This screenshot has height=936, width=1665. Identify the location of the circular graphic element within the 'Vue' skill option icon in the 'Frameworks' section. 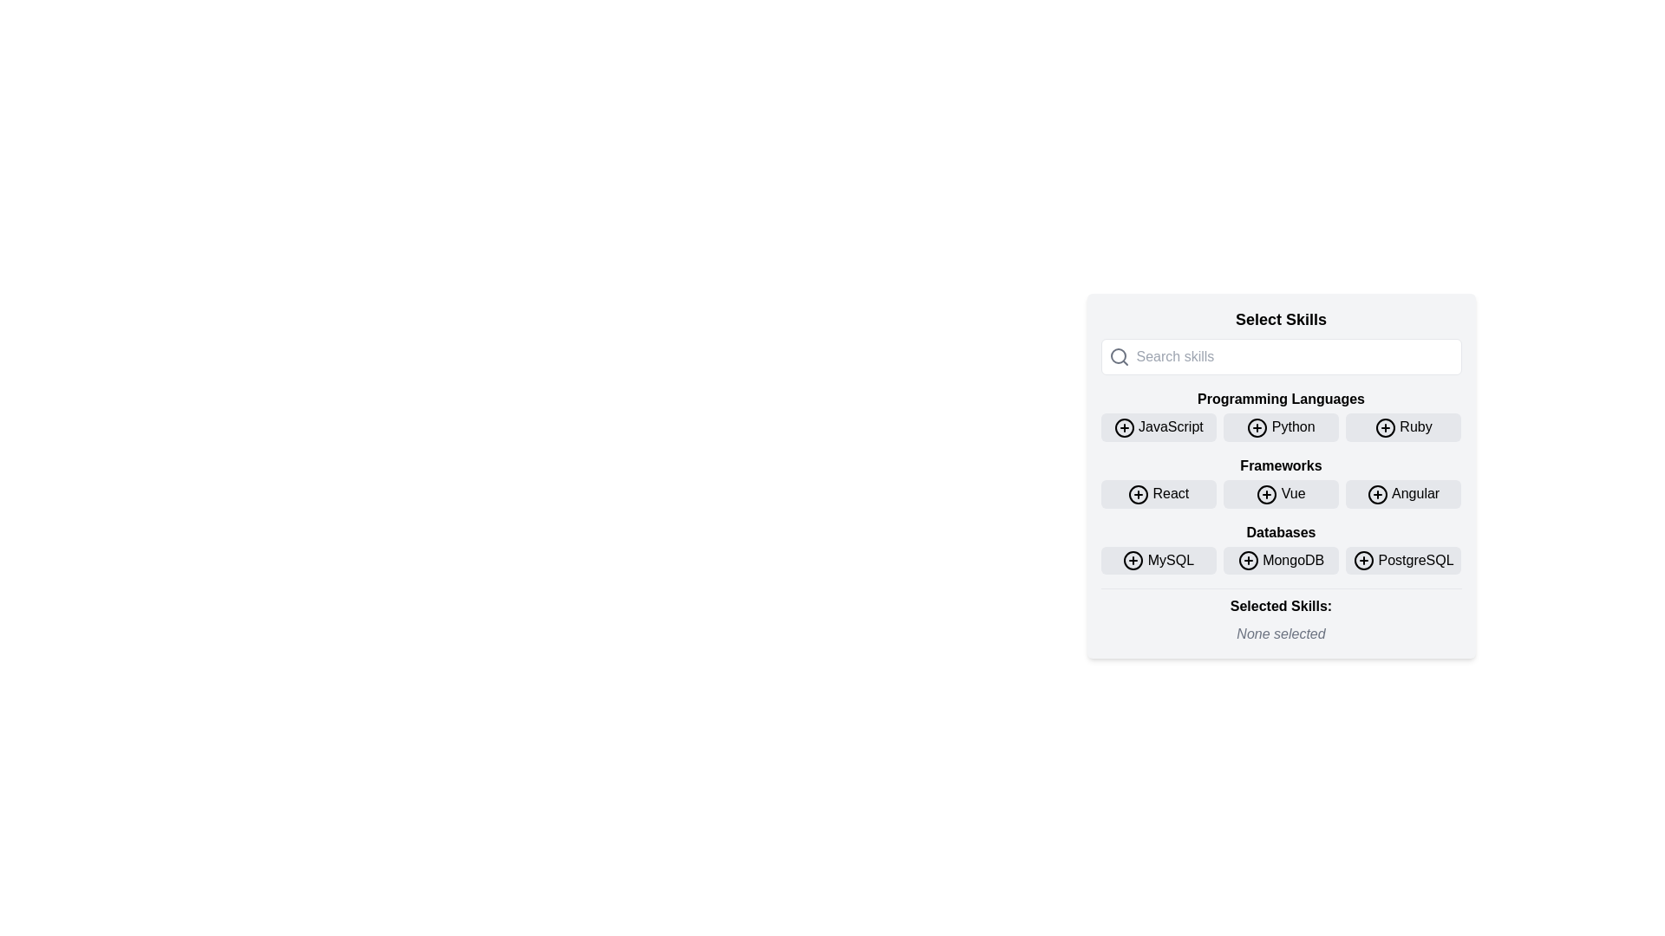
(1267, 494).